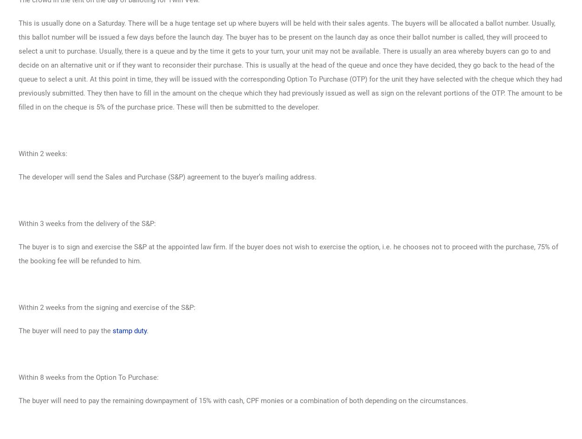 Image resolution: width=582 pixels, height=439 pixels. What do you see at coordinates (288, 253) in the screenshot?
I see `'The buyer is to sign and exercise the S&P at the appointed law firm. If the buyer does not wish to exercise the option, i.e. he chooses not to proceed with the purchase, 75% of the booking fee will be refunded to him.'` at bounding box center [288, 253].